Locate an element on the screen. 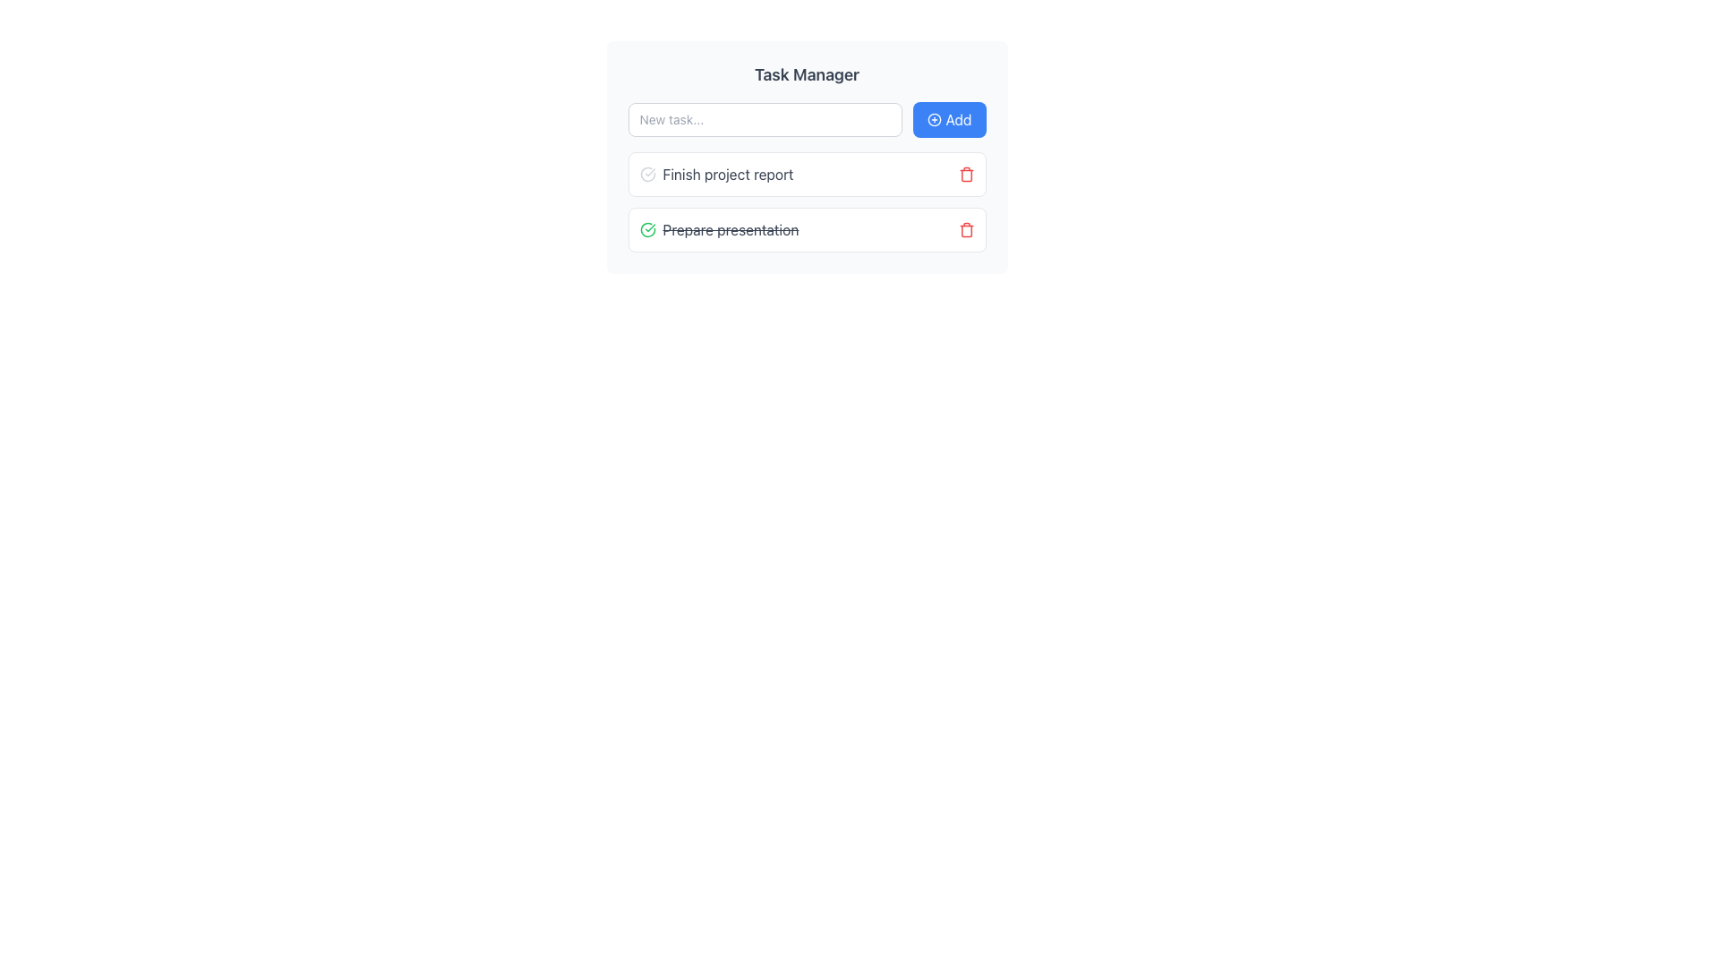 The width and height of the screenshot is (1719, 967). the text label that displays 'Finish project report' to trigger a tooltip is located at coordinates (728, 175).